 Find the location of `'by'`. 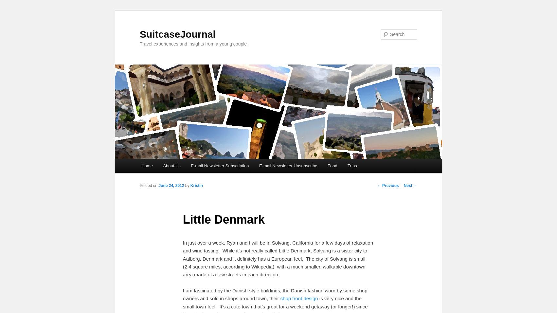

'by' is located at coordinates (188, 185).